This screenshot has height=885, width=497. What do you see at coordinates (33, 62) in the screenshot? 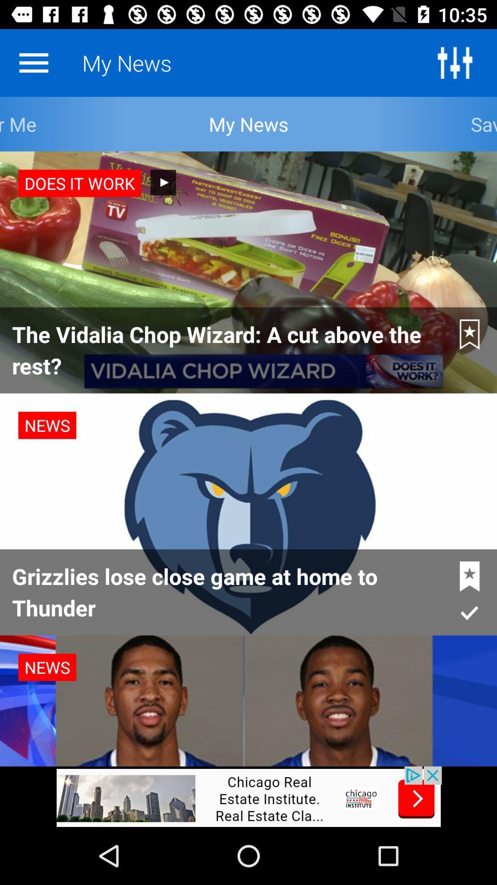
I see `open menu` at bounding box center [33, 62].